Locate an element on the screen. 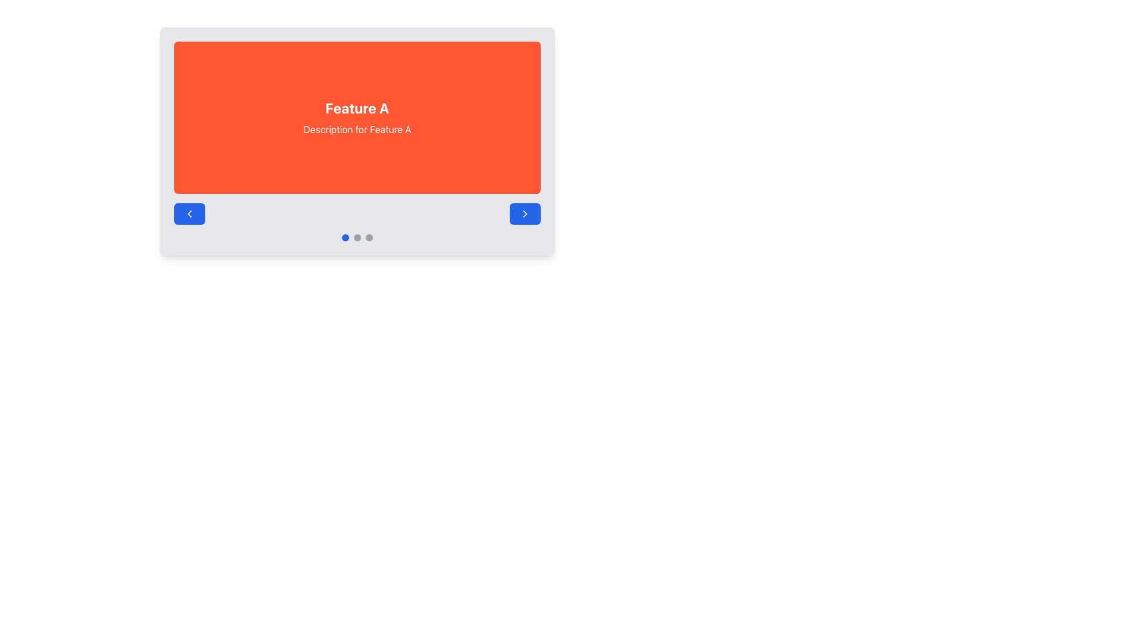 The height and width of the screenshot is (642, 1142). the blue circular button containing the right chevron arrow SVG icon located at the bottom right corner of the main card interface is located at coordinates (525, 213).